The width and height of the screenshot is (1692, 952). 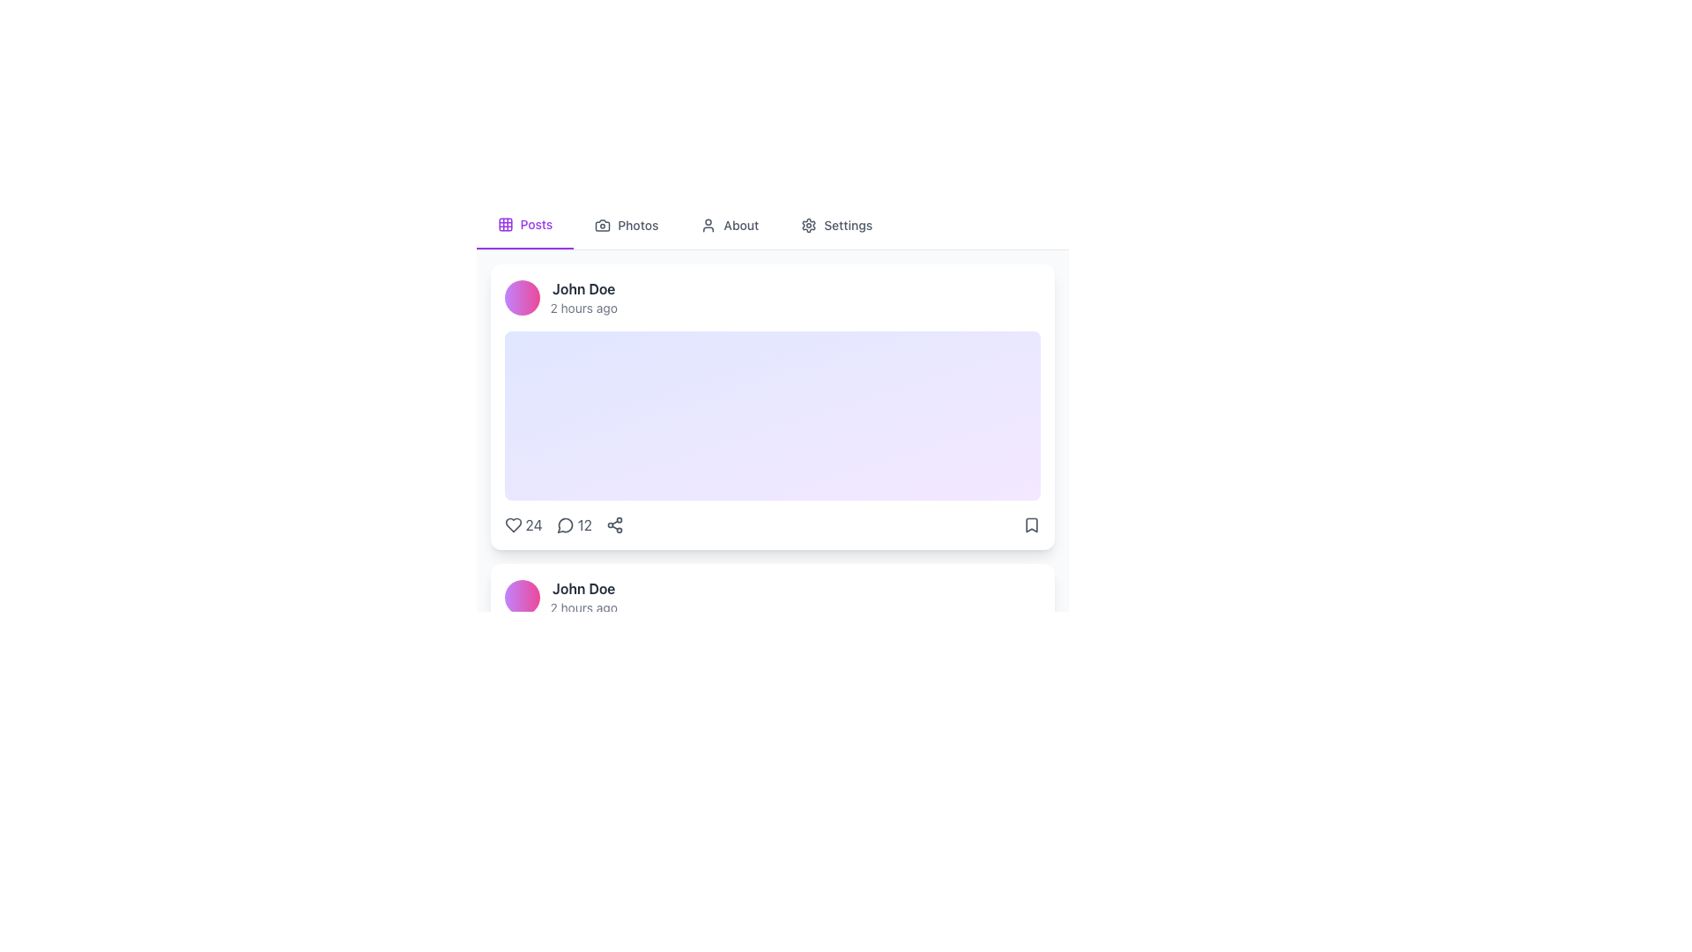 What do you see at coordinates (603, 224) in the screenshot?
I see `the camera icon representing the 'Photos' tab in the navigation bar, which is positioned second from the left among other tabs` at bounding box center [603, 224].